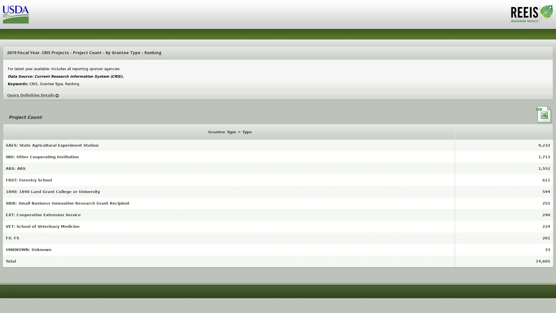 This screenshot has height=313, width=556. I want to click on Click to export as CSV, so click(544, 115).